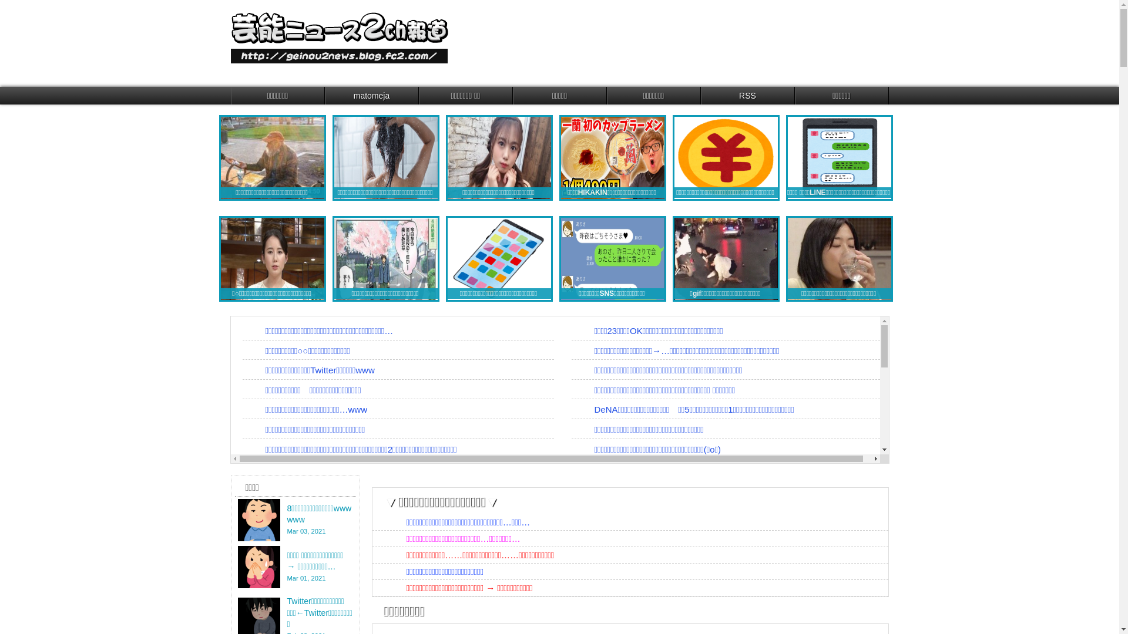 The image size is (1128, 634). What do you see at coordinates (371, 95) in the screenshot?
I see `'matomeja'` at bounding box center [371, 95].